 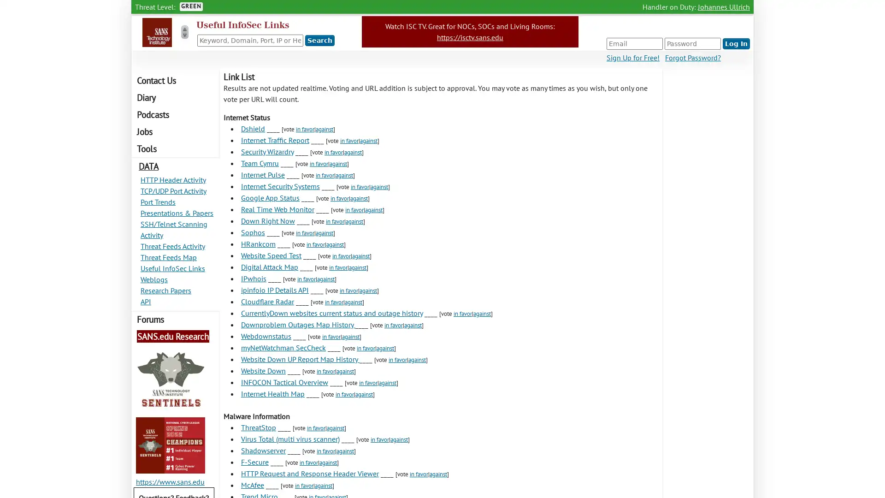 I want to click on Log In, so click(x=736, y=44).